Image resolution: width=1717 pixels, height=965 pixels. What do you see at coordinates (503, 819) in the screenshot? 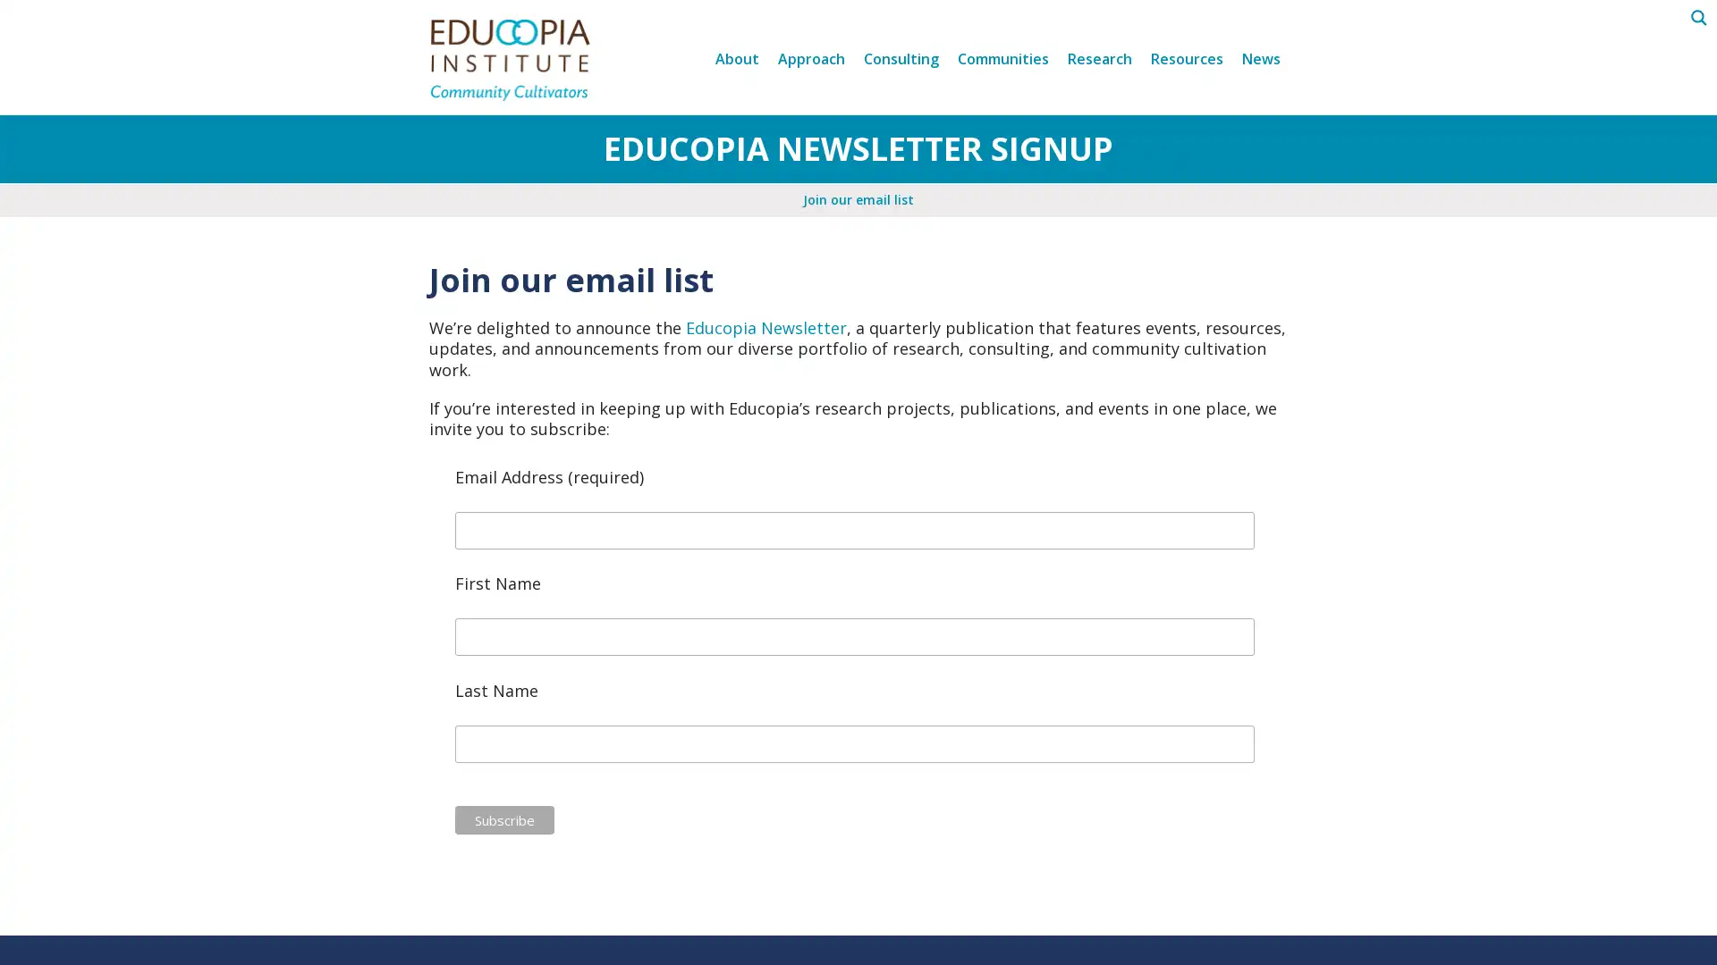
I see `Subscribe` at bounding box center [503, 819].